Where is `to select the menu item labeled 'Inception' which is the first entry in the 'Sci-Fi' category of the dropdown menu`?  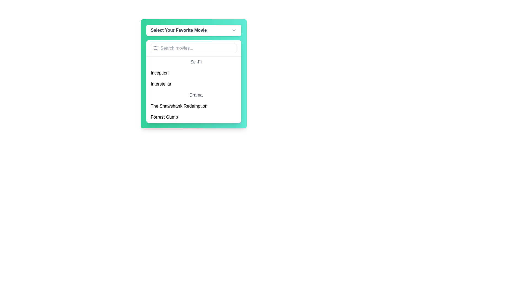 to select the menu item labeled 'Inception' which is the first entry in the 'Sci-Fi' category of the dropdown menu is located at coordinates (194, 73).